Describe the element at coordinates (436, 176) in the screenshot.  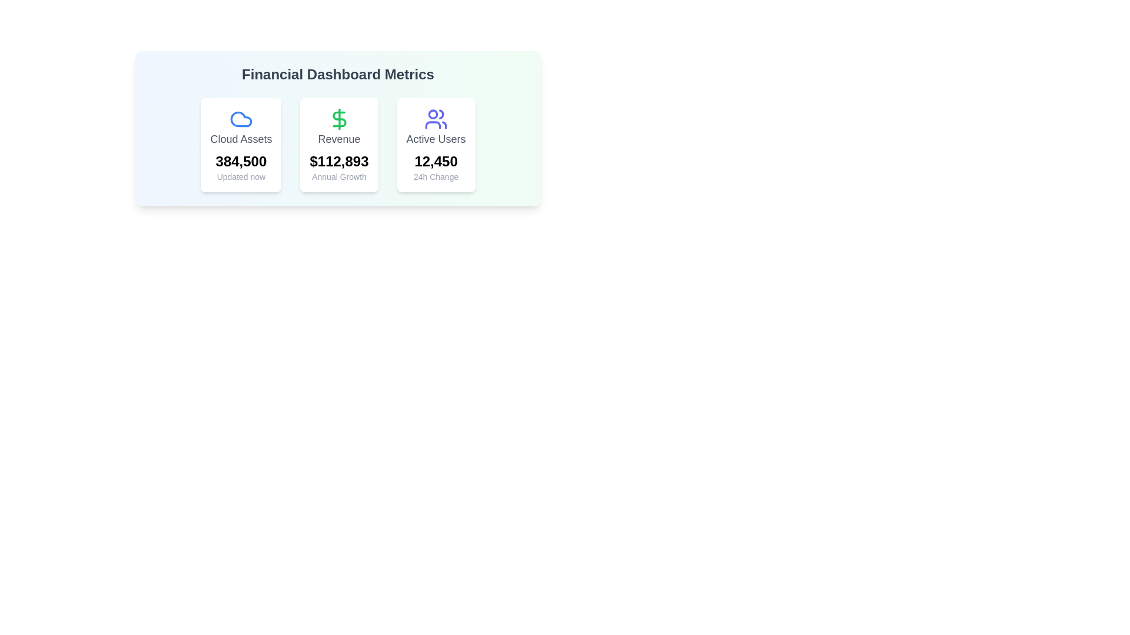
I see `the Text label providing context for the metric's timeframe or type of data measurement located below the bold numerical value '12,450' in the 'Active Users' card, which is the third card from the left` at that location.